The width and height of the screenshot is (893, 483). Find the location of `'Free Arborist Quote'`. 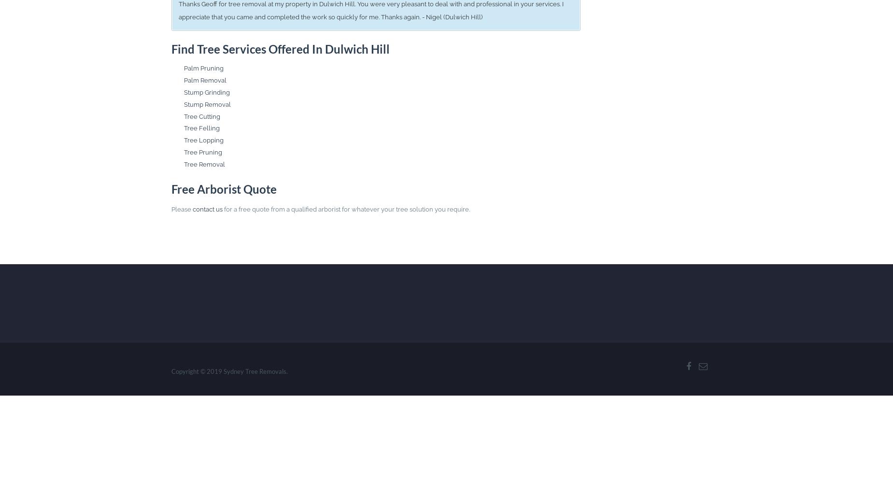

'Free Arborist Quote' is located at coordinates (223, 189).